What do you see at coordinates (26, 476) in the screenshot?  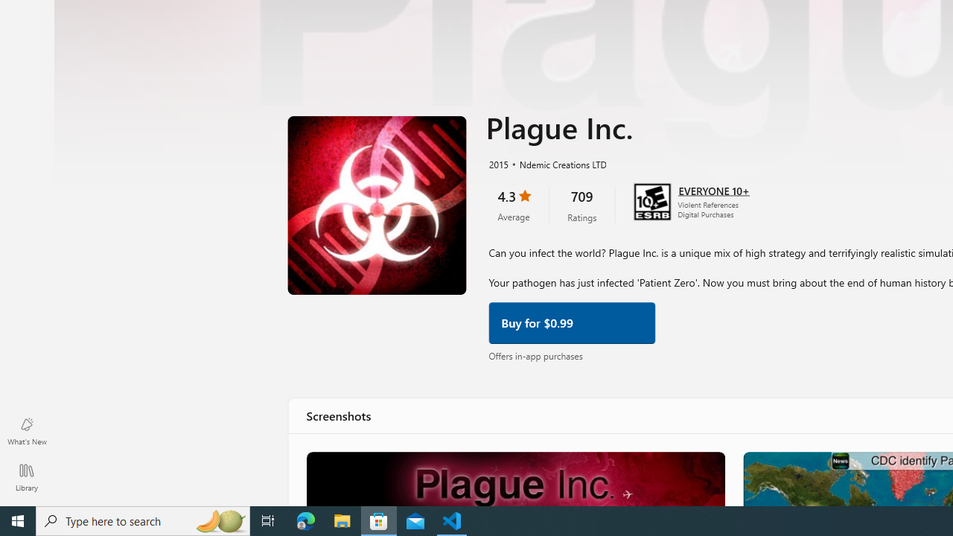 I see `'Library'` at bounding box center [26, 476].